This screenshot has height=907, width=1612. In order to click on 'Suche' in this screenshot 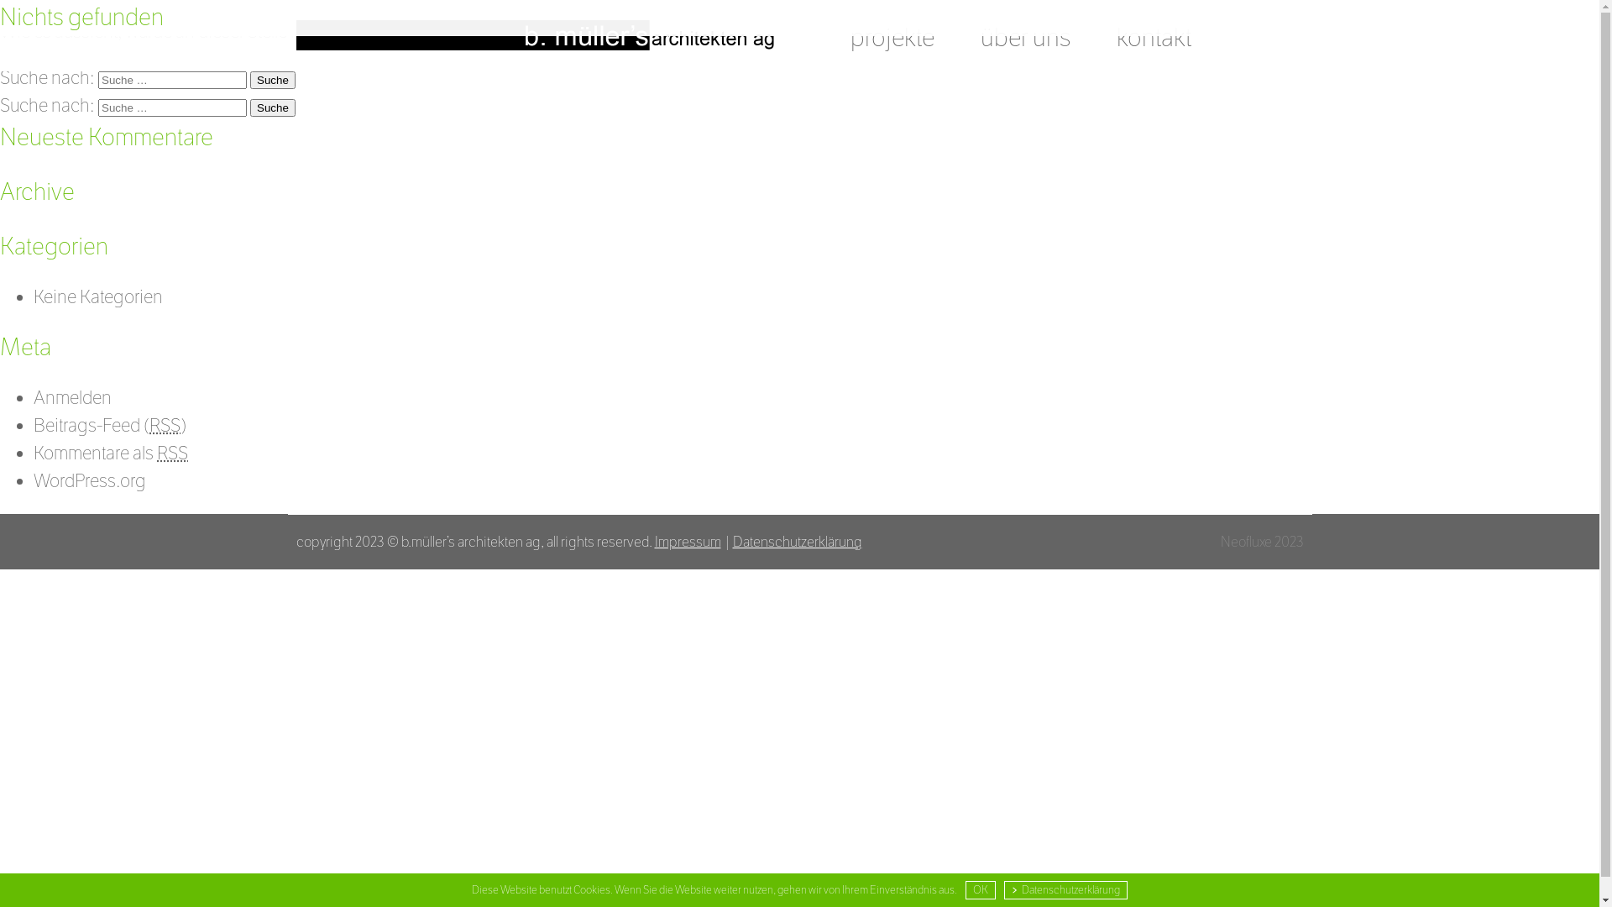, I will do `click(249, 107)`.